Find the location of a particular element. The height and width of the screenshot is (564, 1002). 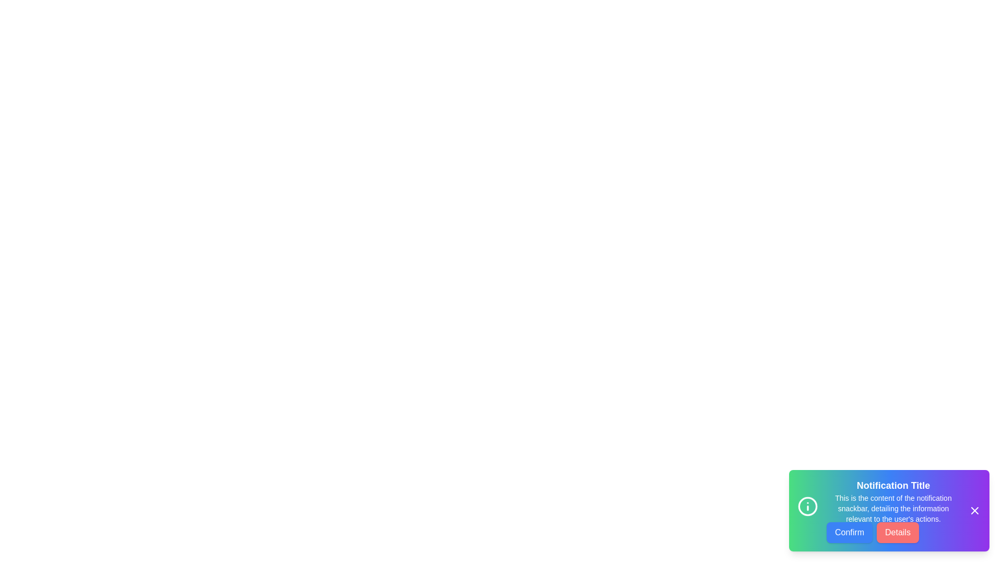

the notification content text by clicking and dragging over it is located at coordinates (826, 493).